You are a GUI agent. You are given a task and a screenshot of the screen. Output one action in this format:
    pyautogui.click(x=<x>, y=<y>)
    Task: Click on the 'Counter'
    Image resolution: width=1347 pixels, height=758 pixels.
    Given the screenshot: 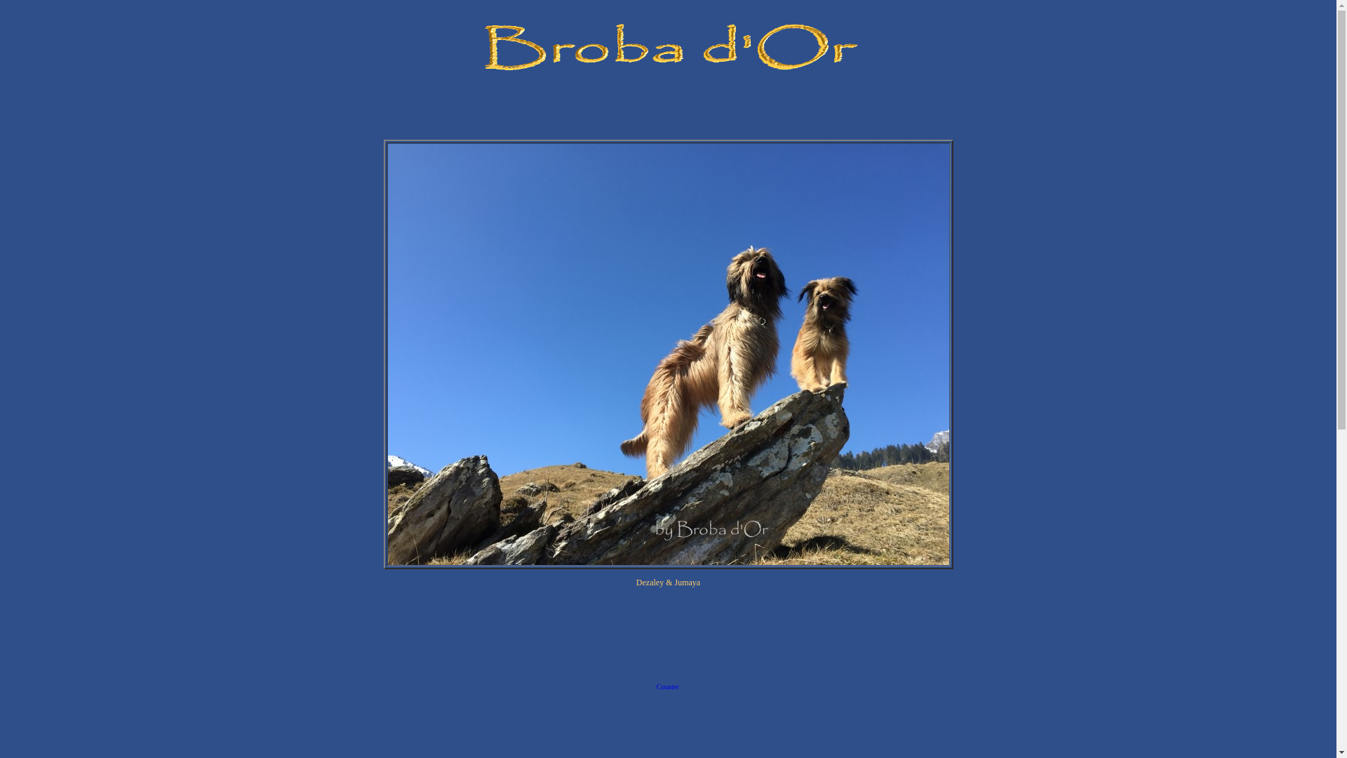 What is the action you would take?
    pyautogui.click(x=666, y=687)
    